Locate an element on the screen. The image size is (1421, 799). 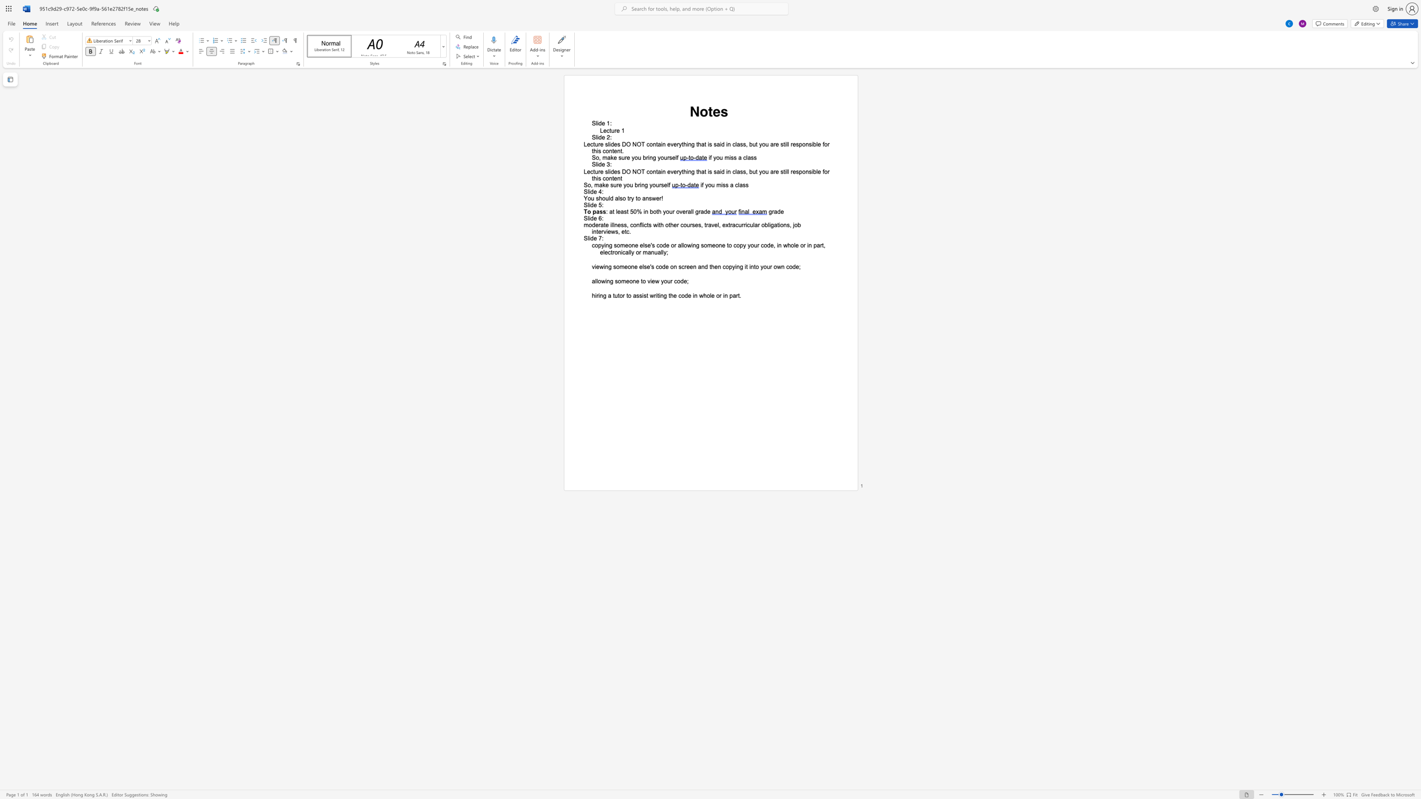
the subset text "it into your ow" within the text "viewing someone else" is located at coordinates (744, 267).